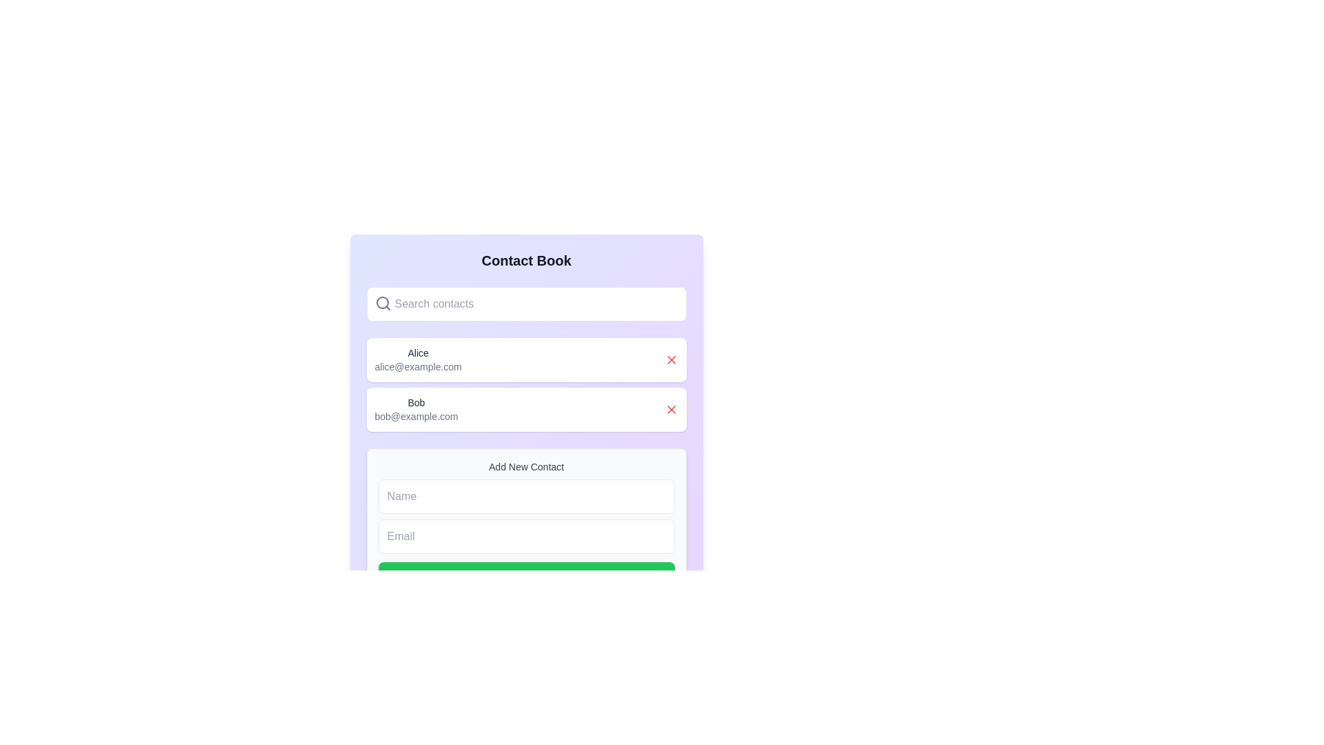 The image size is (1324, 745). I want to click on the gray magnifying glass icon located to the left side of the 'Search contacts' input field under the 'Contact Book' heading, so click(383, 302).